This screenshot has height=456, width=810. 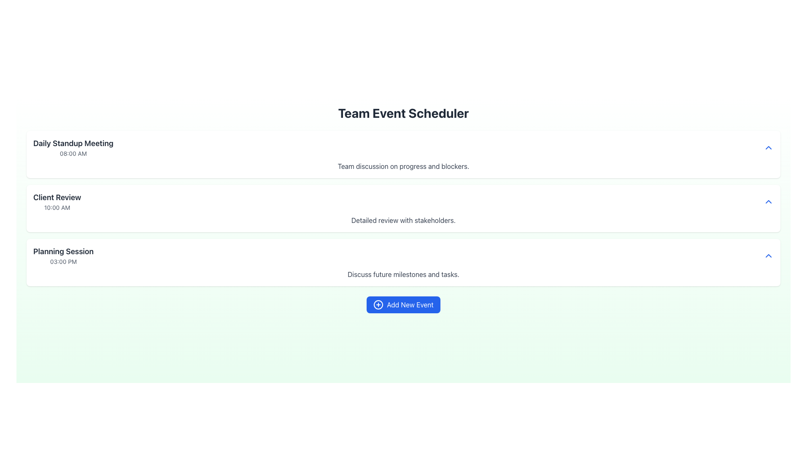 What do you see at coordinates (769, 255) in the screenshot?
I see `the interactive button at the rightmost edge of the 'Planning Session' section with timestamp '03:00 PM' to observe a color transition effect indicating interactivity` at bounding box center [769, 255].